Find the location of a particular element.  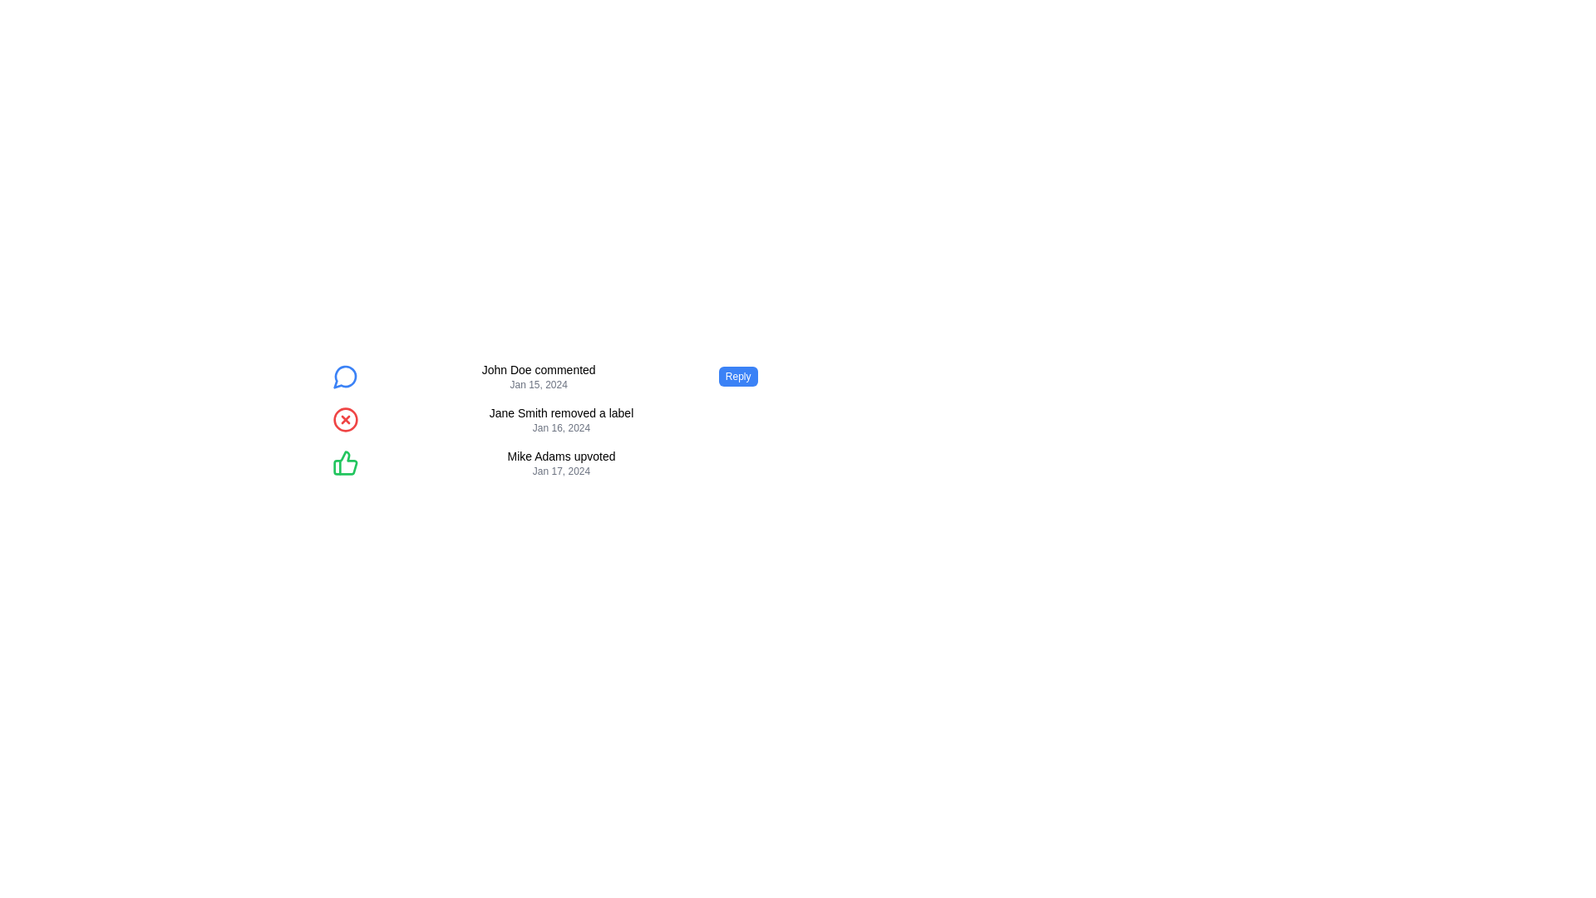

the reply button located at the bottom right corner of the comment card associated with 'John Doe commented Jan 15, 2024' is located at coordinates (737, 376).